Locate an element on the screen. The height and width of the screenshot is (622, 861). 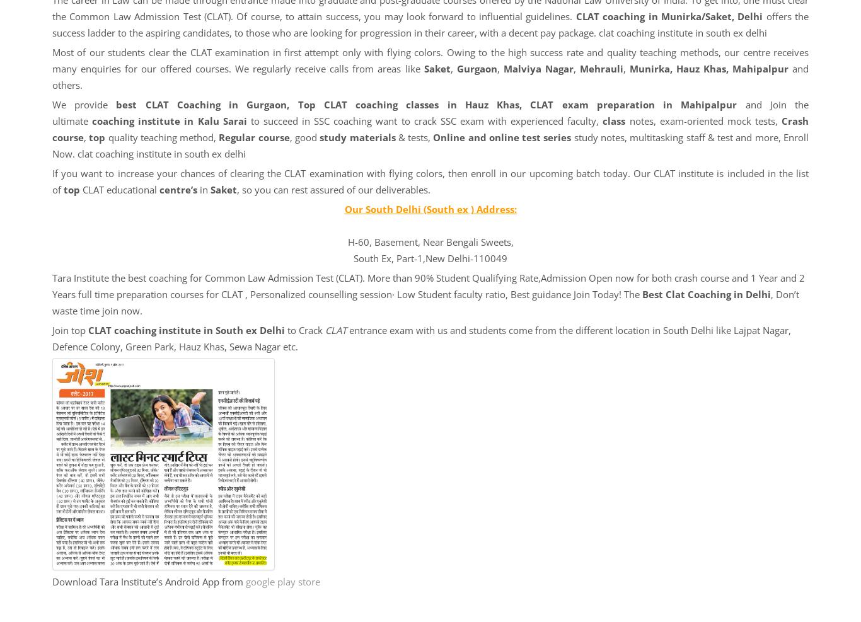
'Gurgaon' is located at coordinates (476, 68).